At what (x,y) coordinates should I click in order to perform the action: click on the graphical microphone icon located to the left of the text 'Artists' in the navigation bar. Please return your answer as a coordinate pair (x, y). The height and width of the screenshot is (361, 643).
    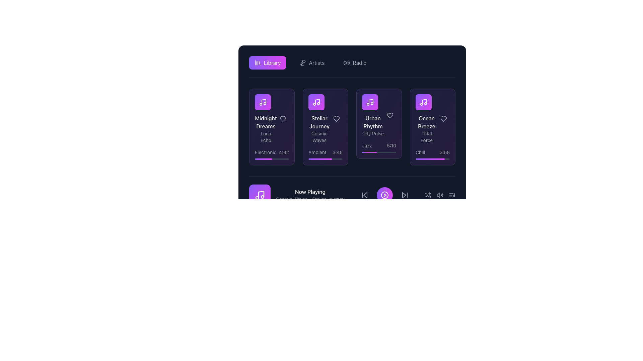
    Looking at the image, I should click on (302, 63).